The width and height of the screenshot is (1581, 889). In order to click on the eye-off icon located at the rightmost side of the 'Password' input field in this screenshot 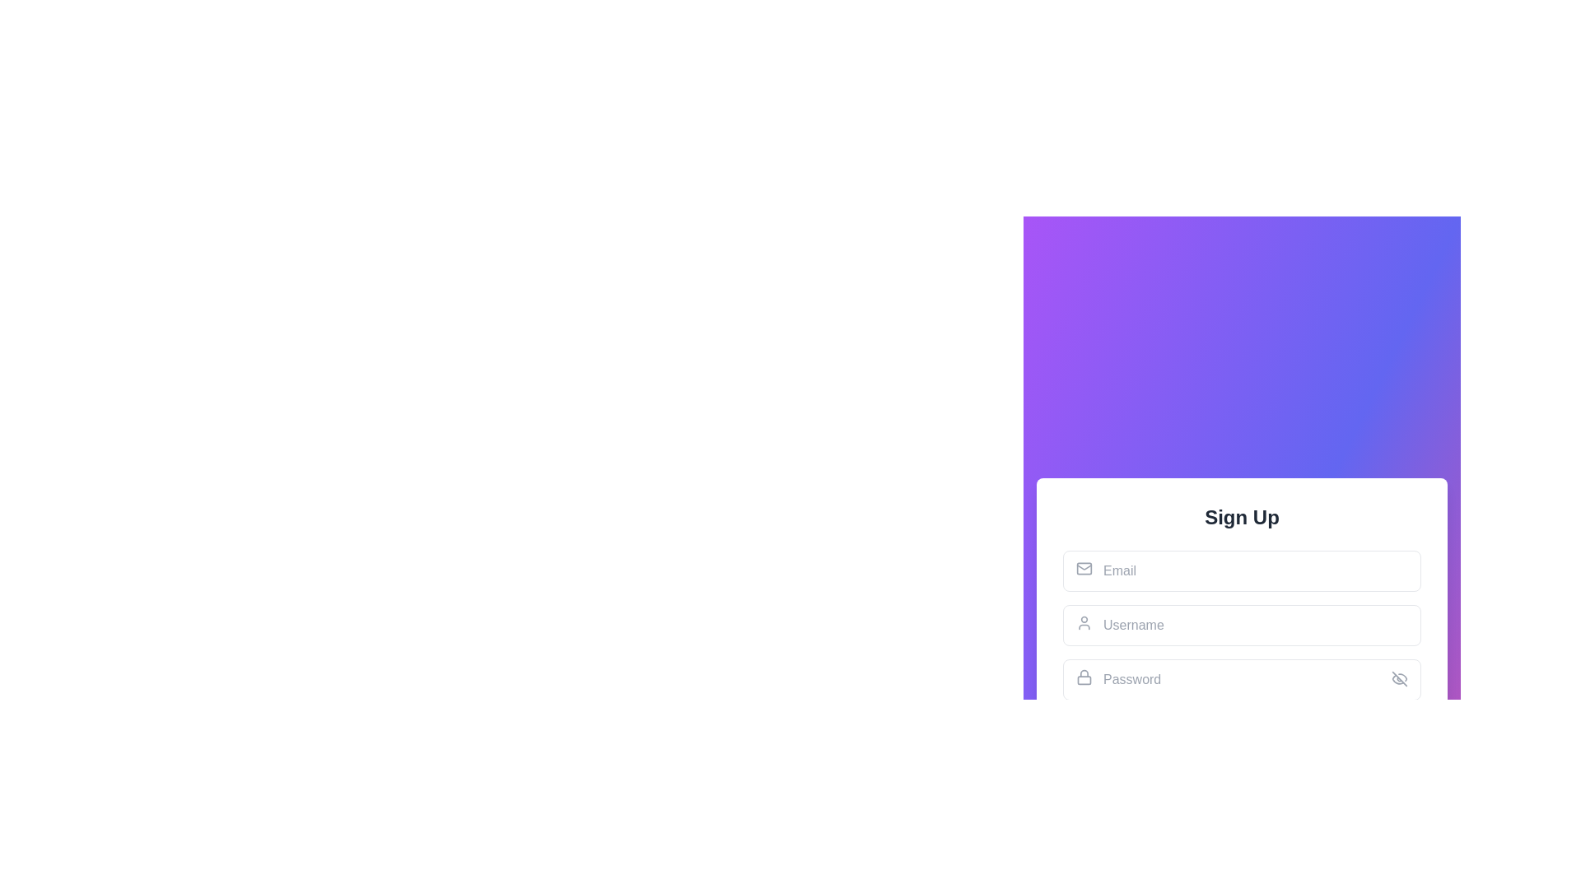, I will do `click(1398, 679)`.